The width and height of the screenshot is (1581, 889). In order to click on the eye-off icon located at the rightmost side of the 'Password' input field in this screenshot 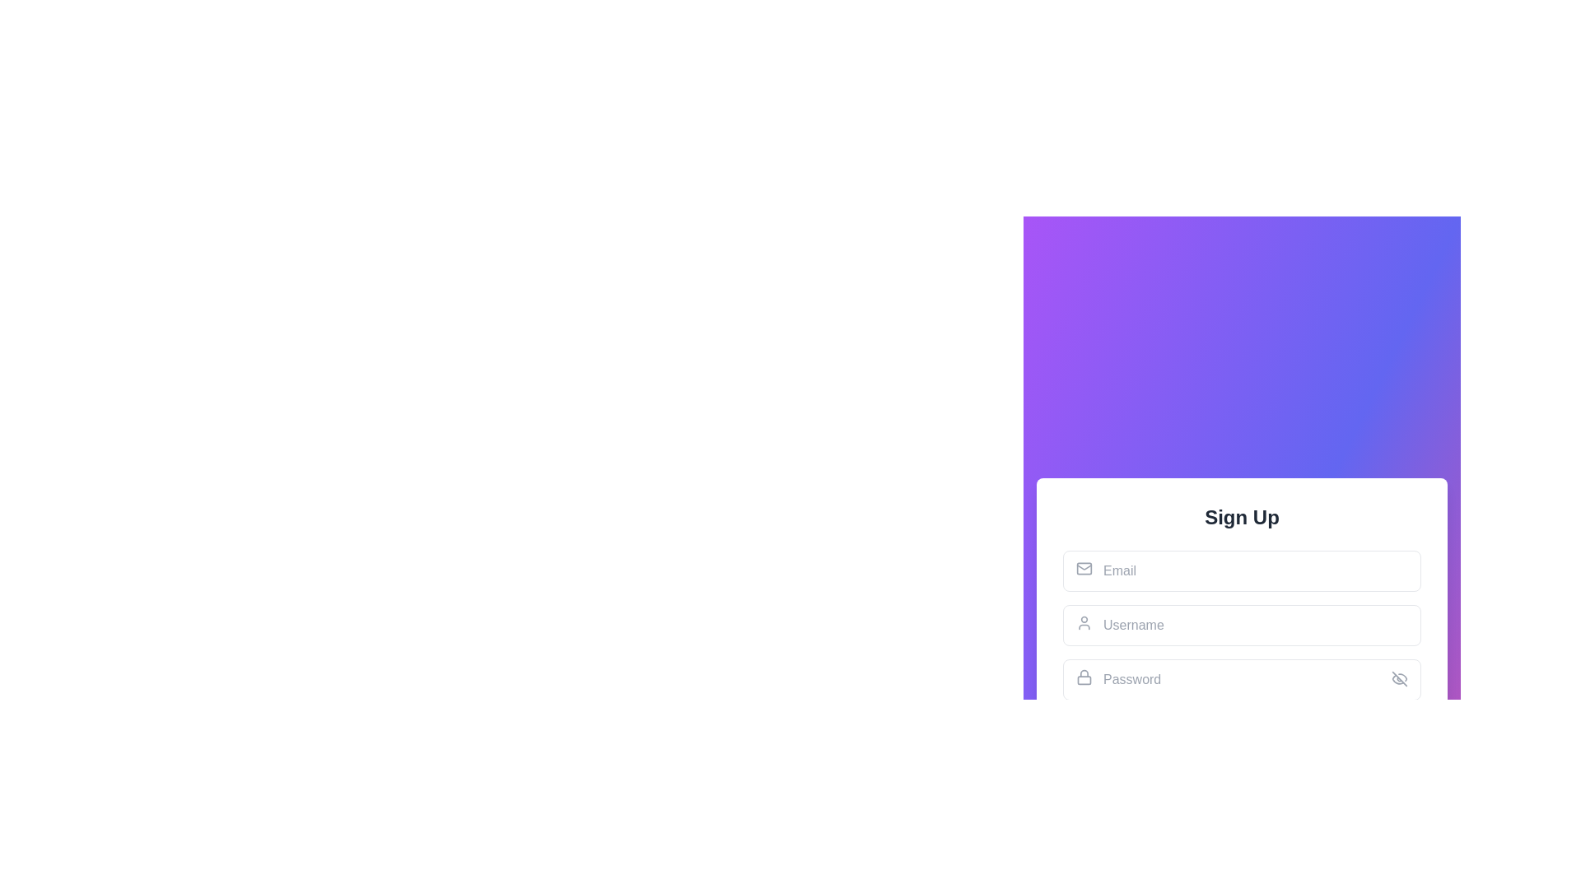, I will do `click(1398, 679)`.